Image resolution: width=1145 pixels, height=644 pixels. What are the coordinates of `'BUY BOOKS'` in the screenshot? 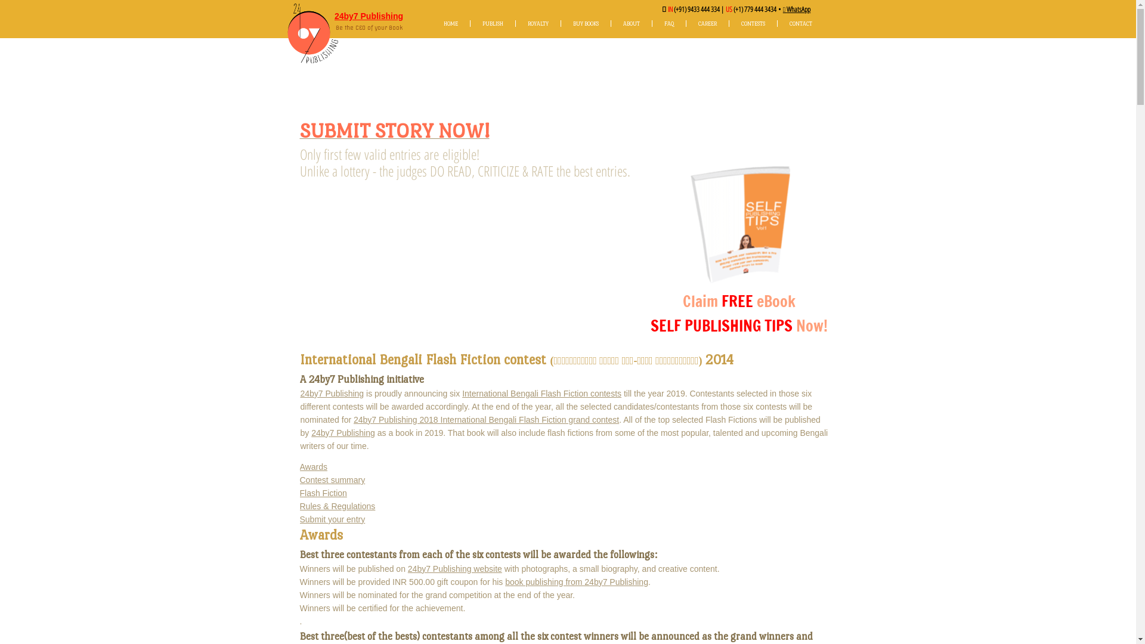 It's located at (586, 23).